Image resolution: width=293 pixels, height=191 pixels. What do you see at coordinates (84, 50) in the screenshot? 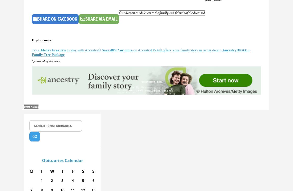
I see `'today with Ancestry®'` at bounding box center [84, 50].